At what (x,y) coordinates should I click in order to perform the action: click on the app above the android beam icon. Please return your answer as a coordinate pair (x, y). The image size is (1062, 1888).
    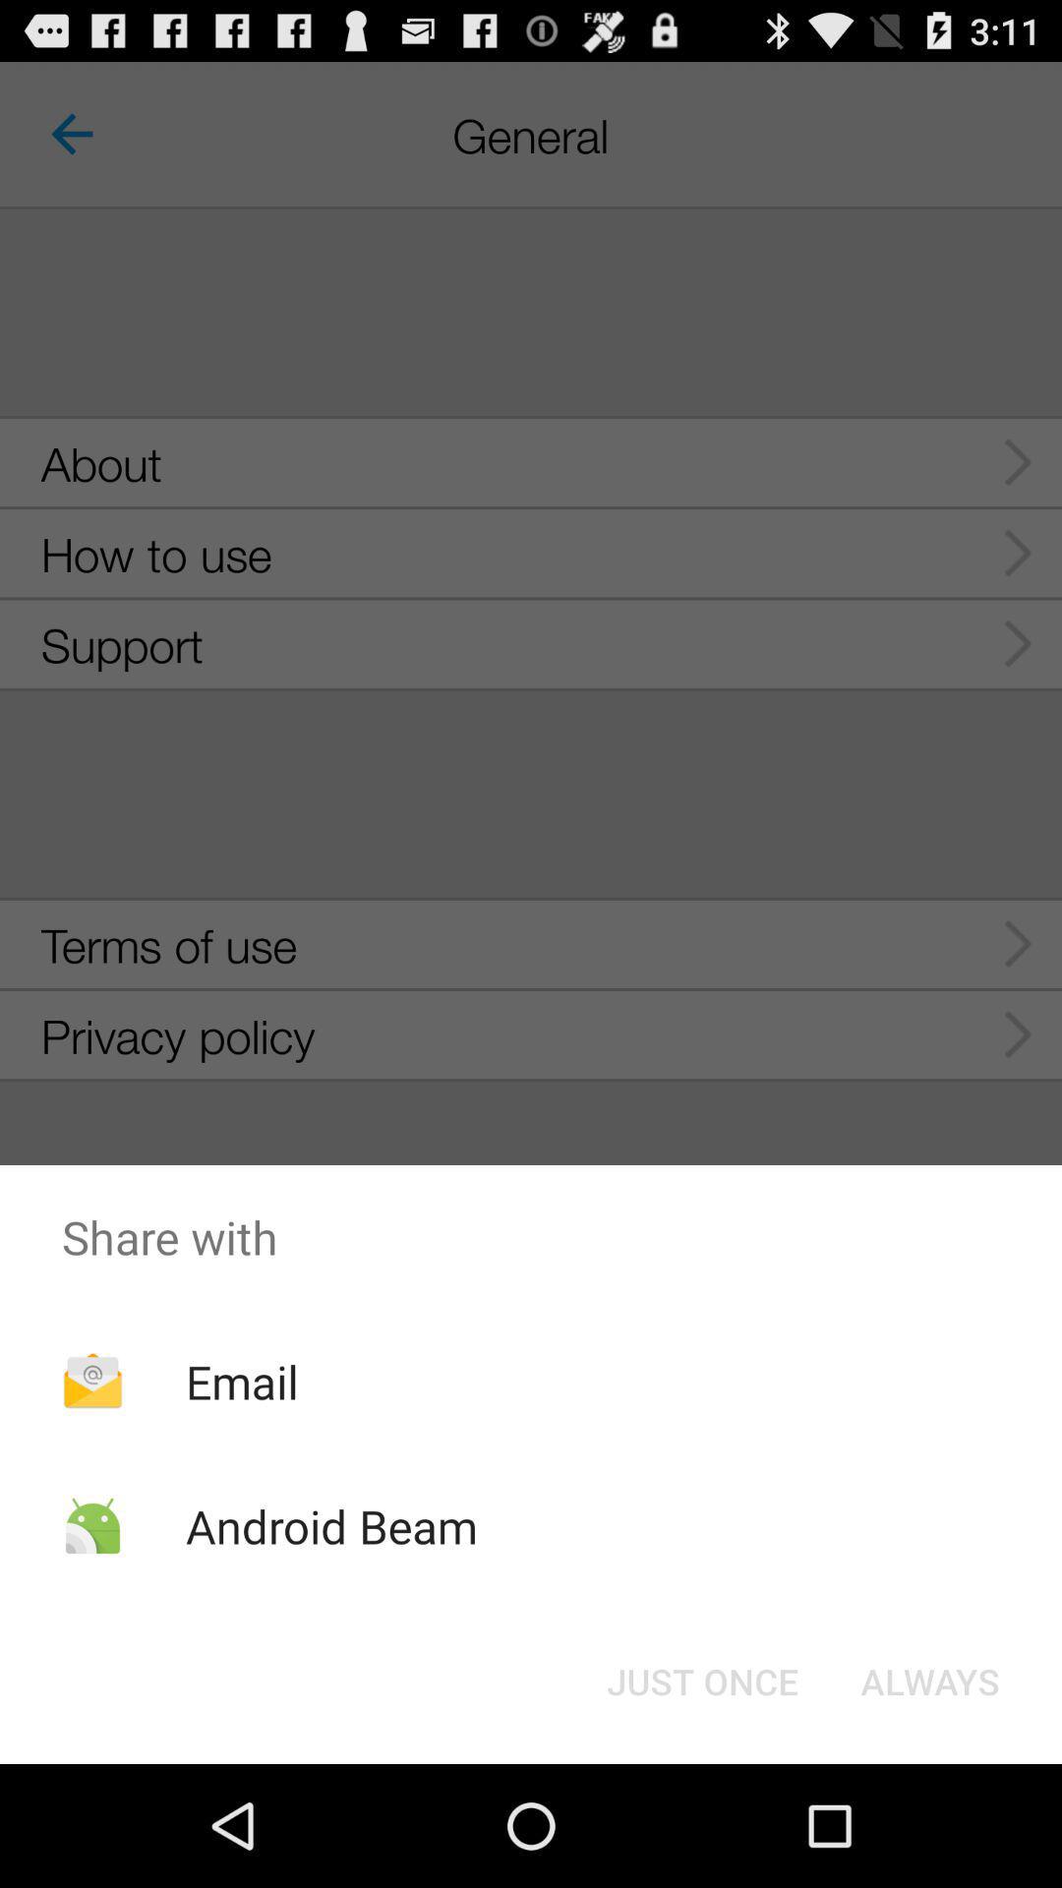
    Looking at the image, I should click on (241, 1381).